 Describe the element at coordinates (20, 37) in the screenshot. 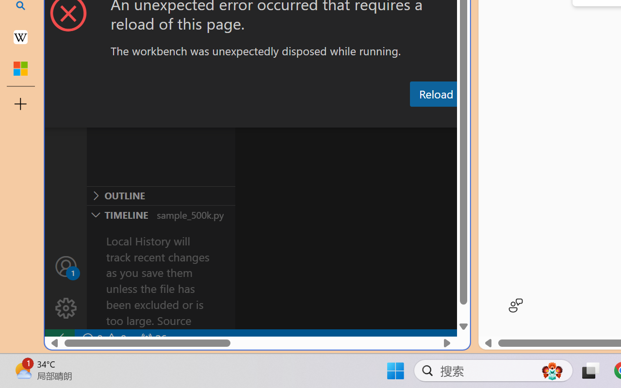

I see `'Earth - Wikipedia'` at that location.